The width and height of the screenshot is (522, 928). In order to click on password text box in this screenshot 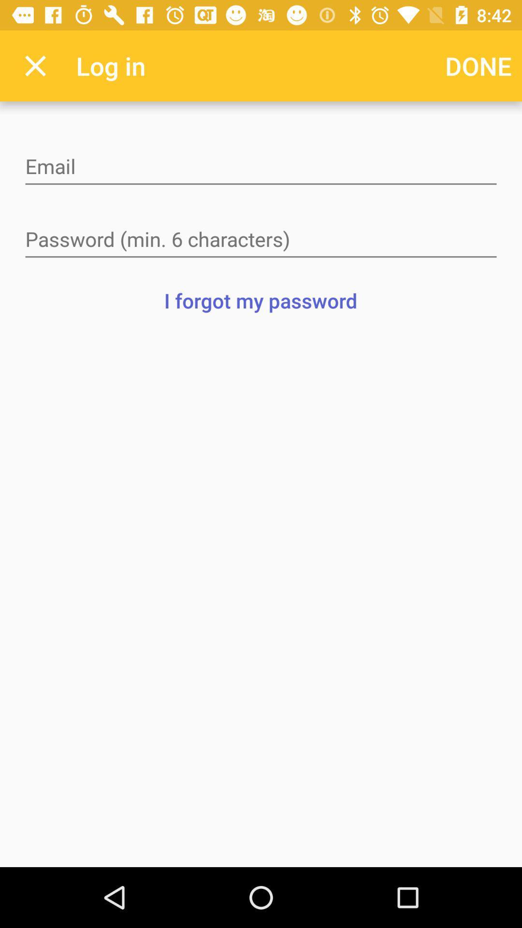, I will do `click(261, 240)`.